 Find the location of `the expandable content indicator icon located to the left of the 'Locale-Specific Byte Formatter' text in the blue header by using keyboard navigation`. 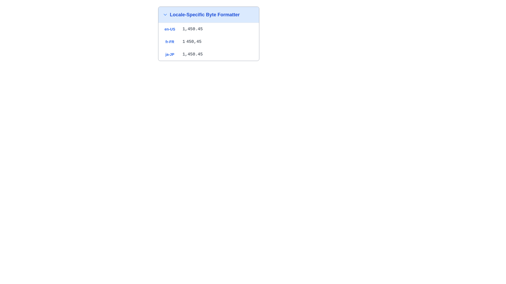

the expandable content indicator icon located to the left of the 'Locale-Specific Byte Formatter' text in the blue header by using keyboard navigation is located at coordinates (165, 14).